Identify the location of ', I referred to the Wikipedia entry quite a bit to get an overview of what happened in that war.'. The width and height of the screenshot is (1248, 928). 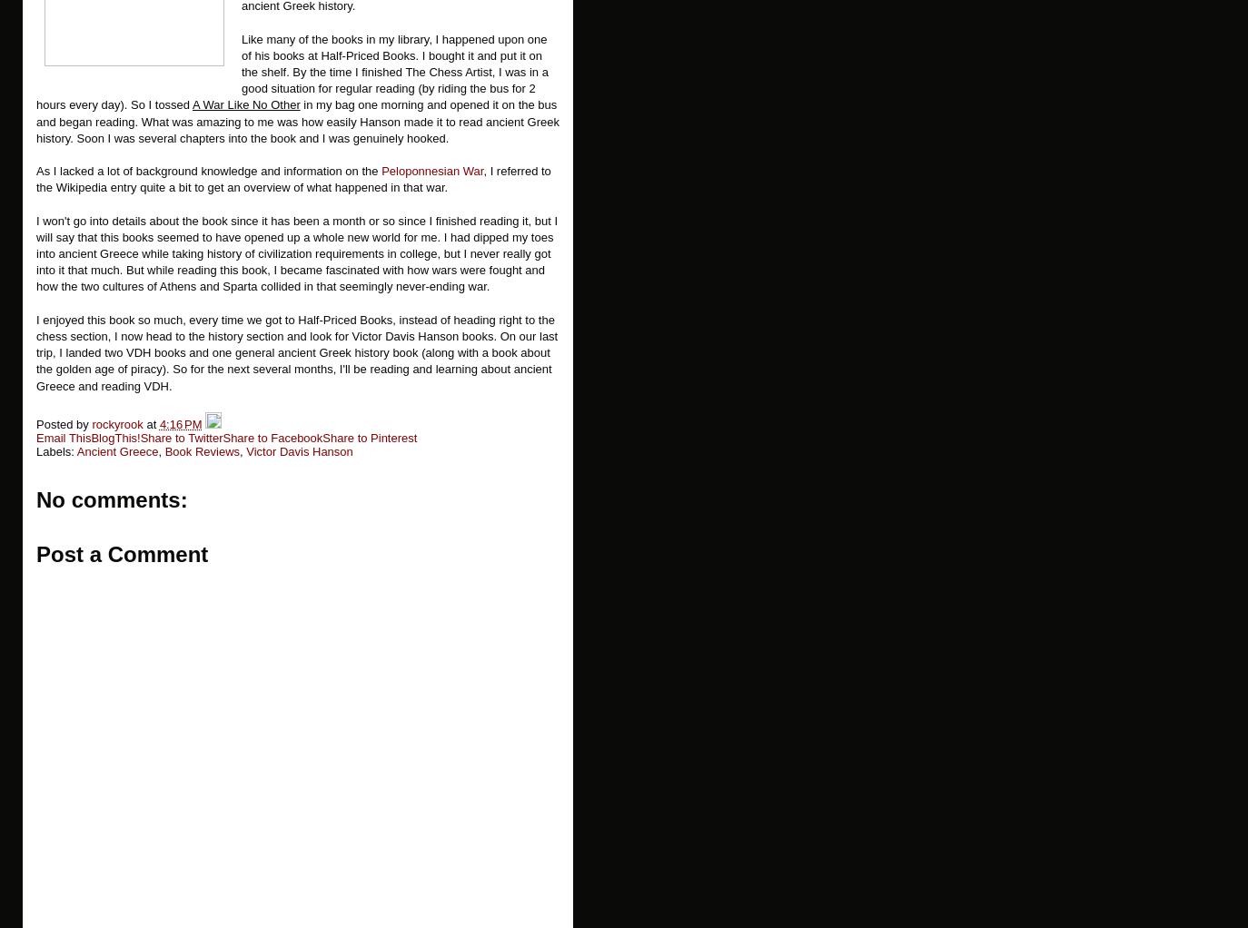
(292, 179).